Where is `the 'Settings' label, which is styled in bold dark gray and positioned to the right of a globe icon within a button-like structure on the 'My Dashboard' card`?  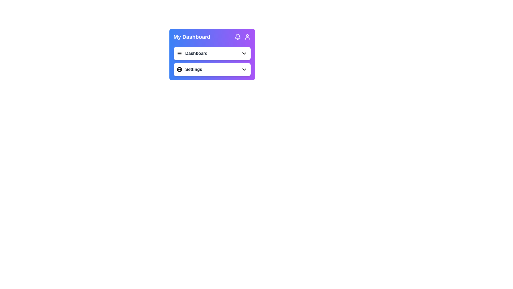 the 'Settings' label, which is styled in bold dark gray and positioned to the right of a globe icon within a button-like structure on the 'My Dashboard' card is located at coordinates (193, 69).